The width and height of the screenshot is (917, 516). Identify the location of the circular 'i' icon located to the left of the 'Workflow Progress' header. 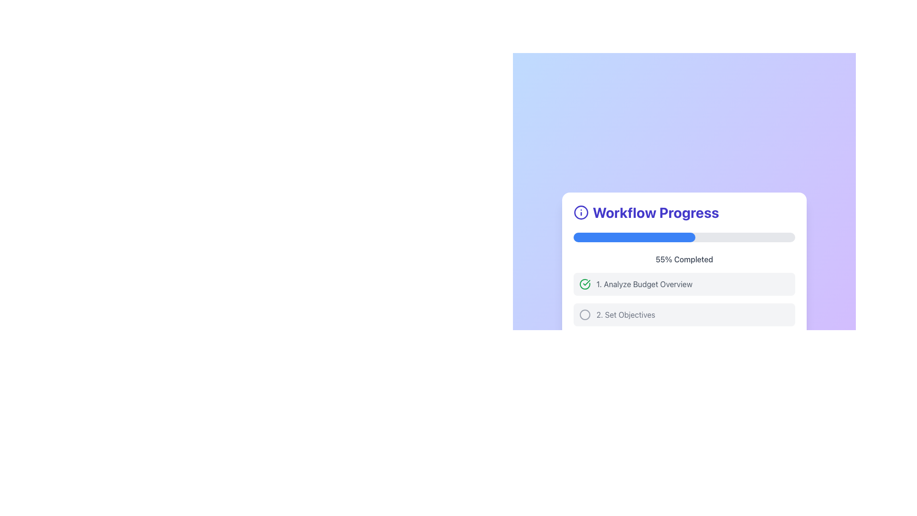
(581, 212).